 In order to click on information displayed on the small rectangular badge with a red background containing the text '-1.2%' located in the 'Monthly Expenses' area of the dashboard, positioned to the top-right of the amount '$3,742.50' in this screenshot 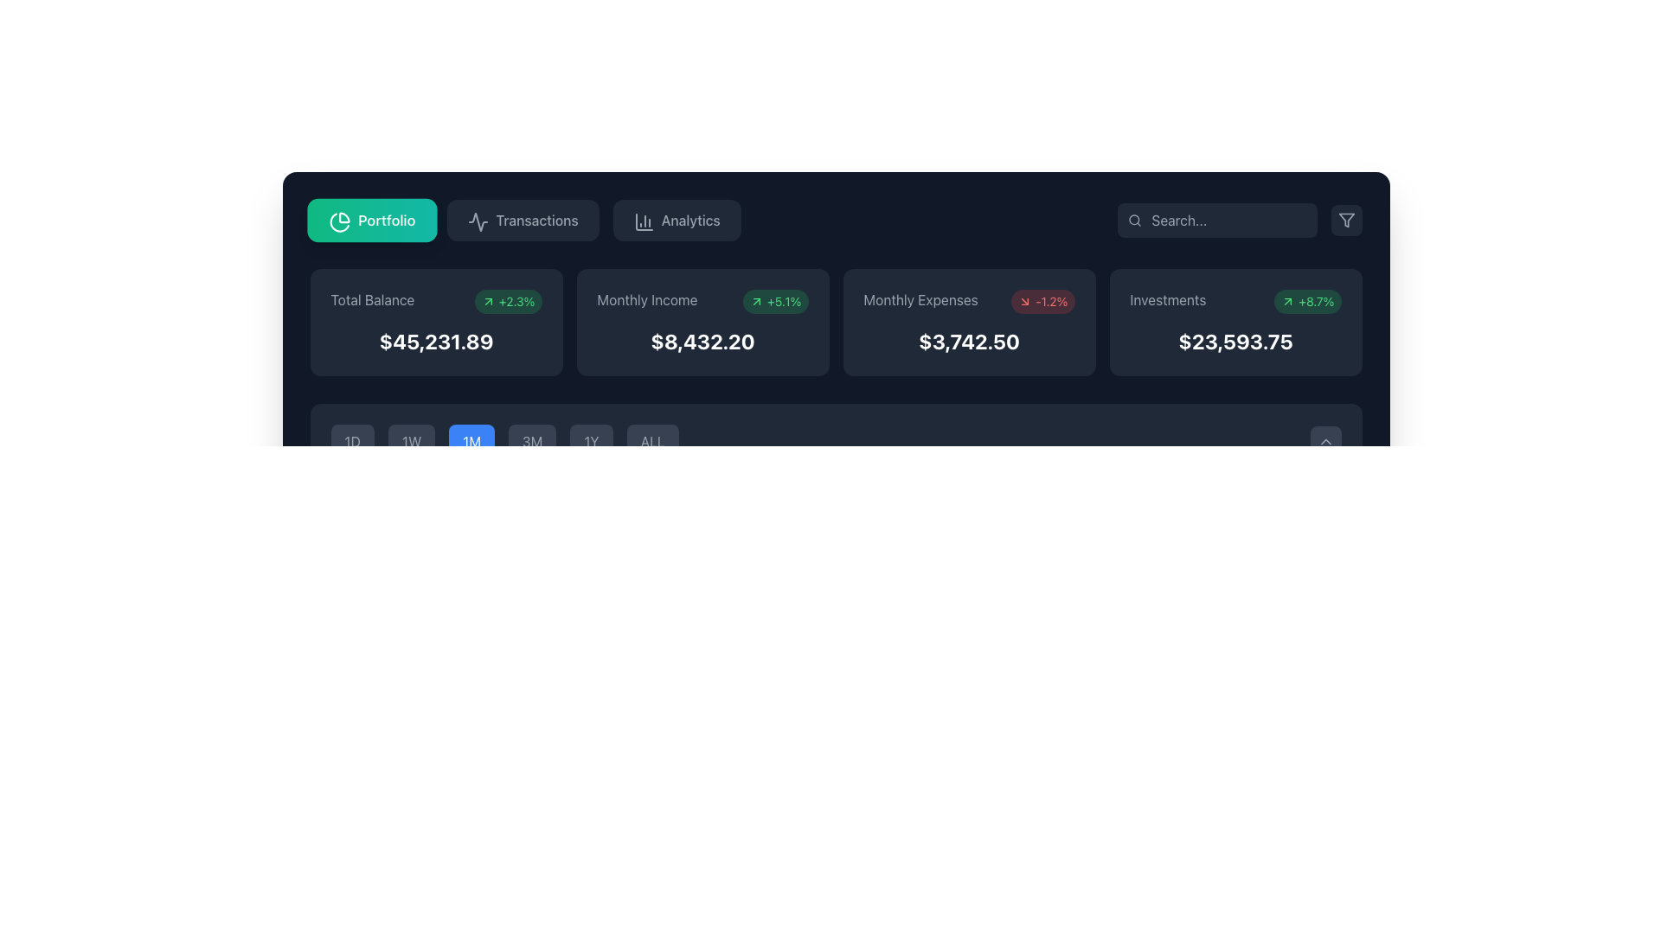, I will do `click(1042, 300)`.